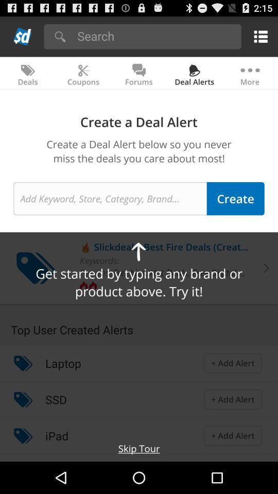  Describe the element at coordinates (139, 304) in the screenshot. I see `the item below get started by` at that location.